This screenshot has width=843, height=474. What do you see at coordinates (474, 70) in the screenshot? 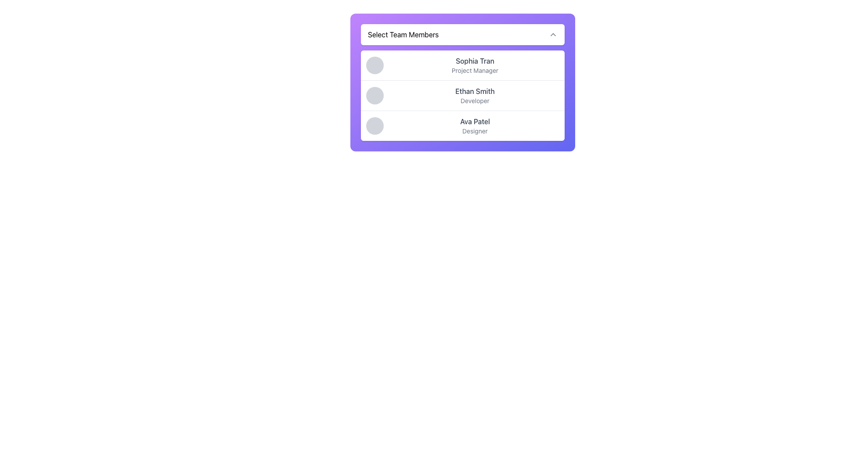
I see `the text label describing Sophia Tran's role in the team member selection within the 'Select Team Members' dialog, located below her name in the list` at bounding box center [474, 70].